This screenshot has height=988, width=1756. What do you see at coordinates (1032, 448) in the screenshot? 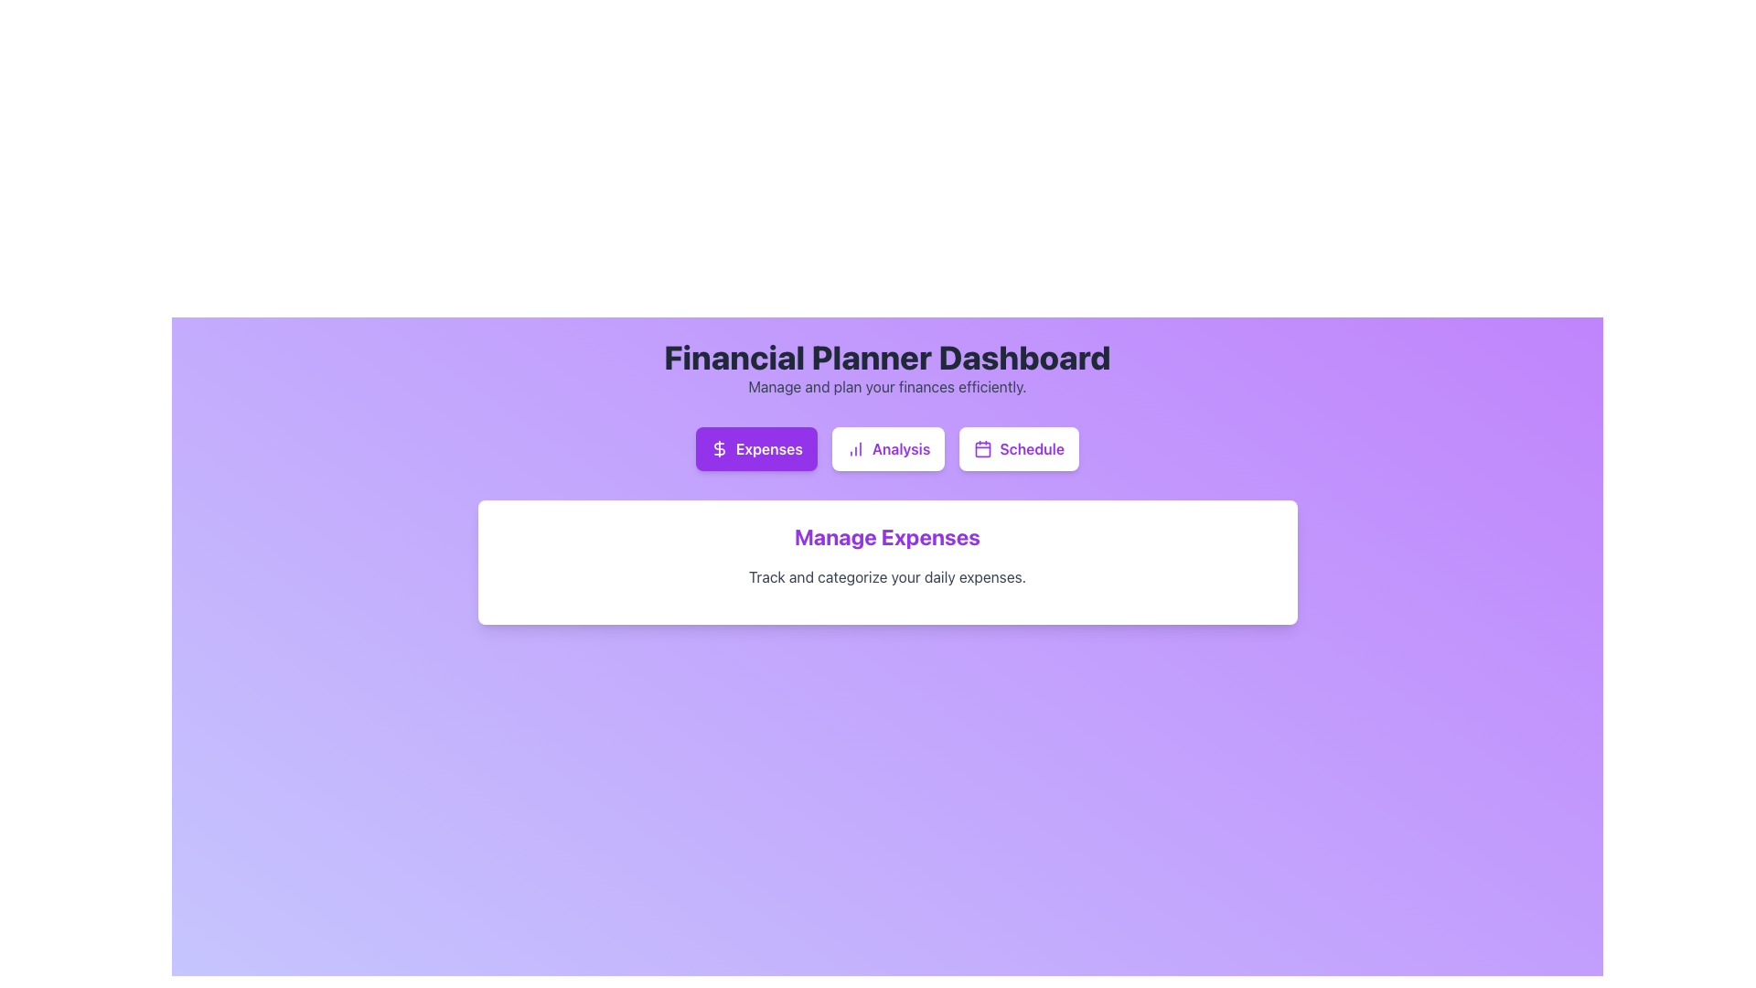
I see `the 'Schedule' button, which is the third button from the left in the row below 'Financial Planner Dashboard', styled with purple text and a calendar icon` at bounding box center [1032, 448].